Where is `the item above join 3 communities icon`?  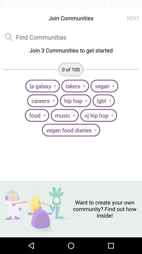 the item above join 3 communities icon is located at coordinates (133, 18).